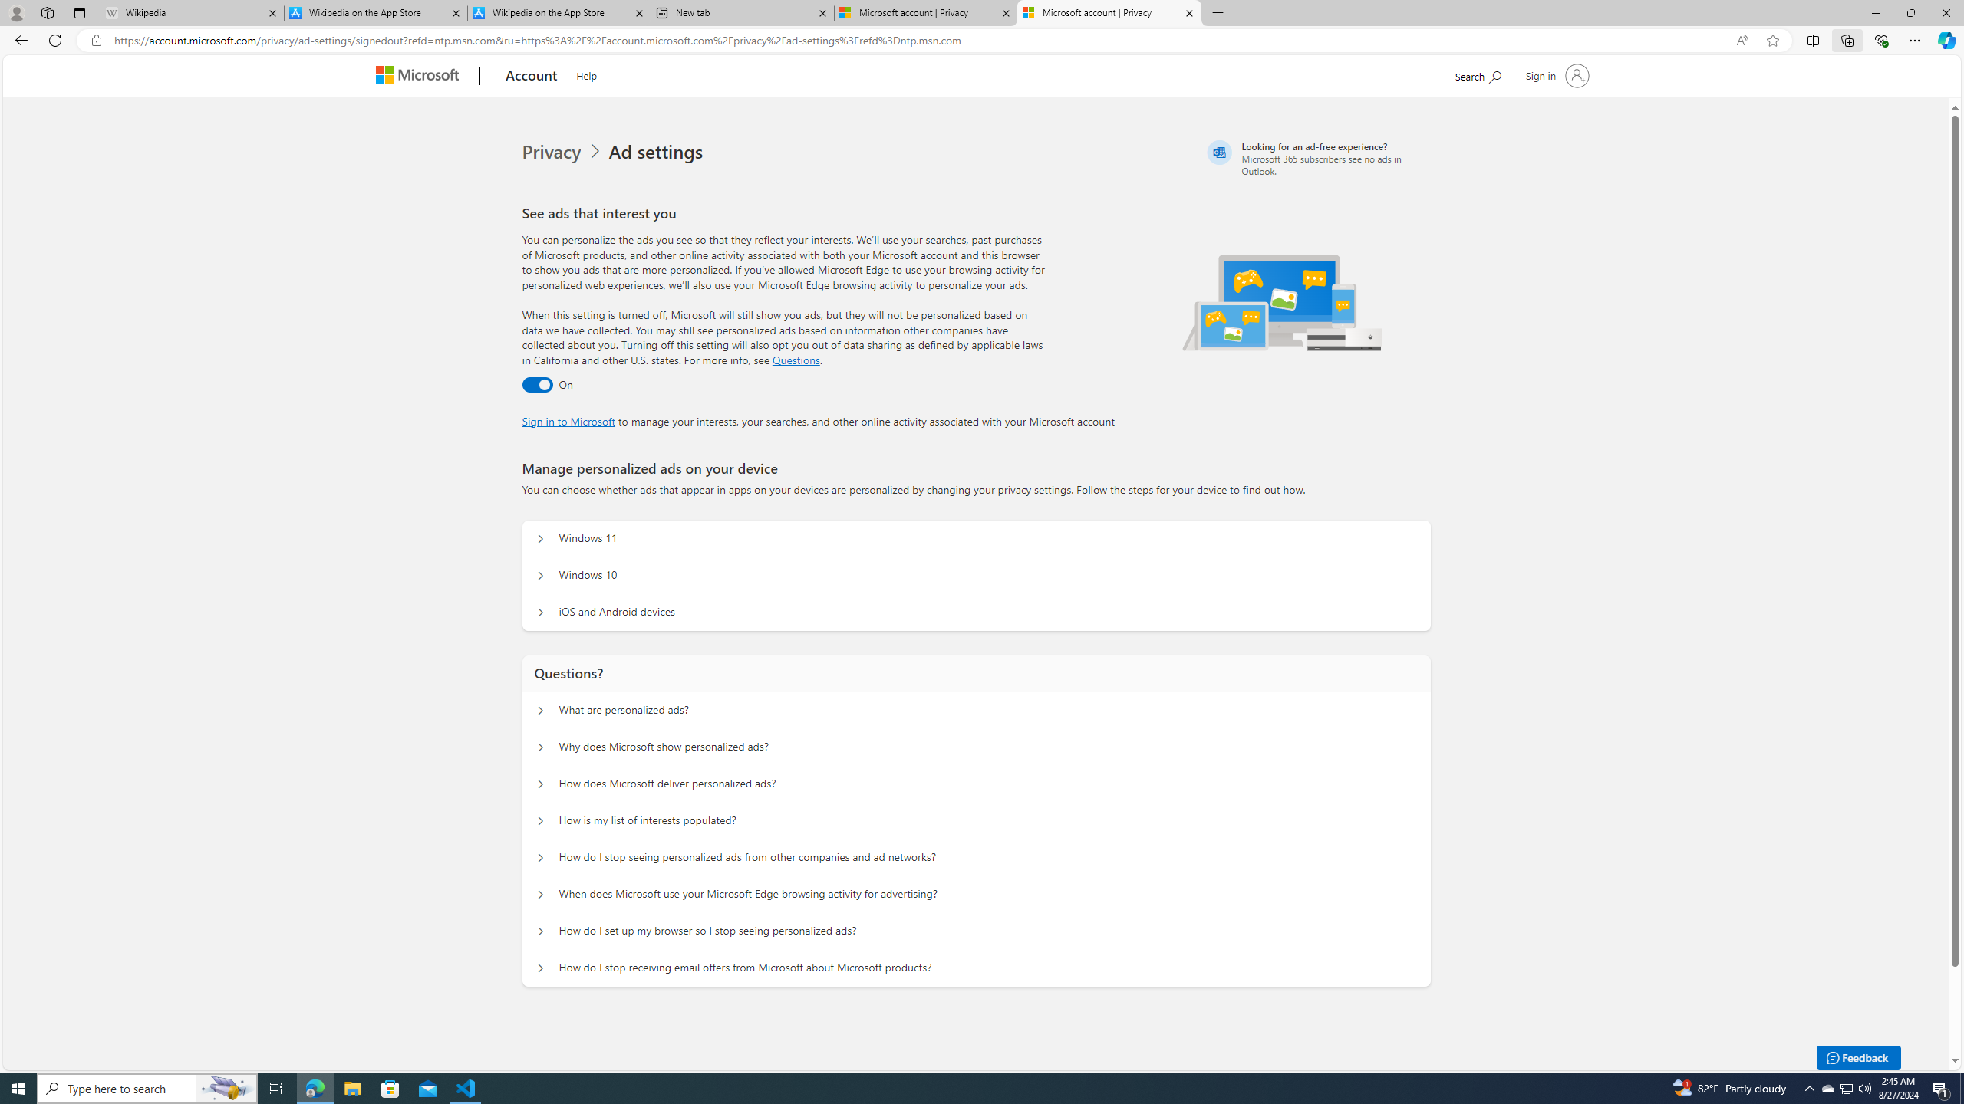  I want to click on 'Questions? Why does Microsoft show personalized ads?', so click(541, 746).